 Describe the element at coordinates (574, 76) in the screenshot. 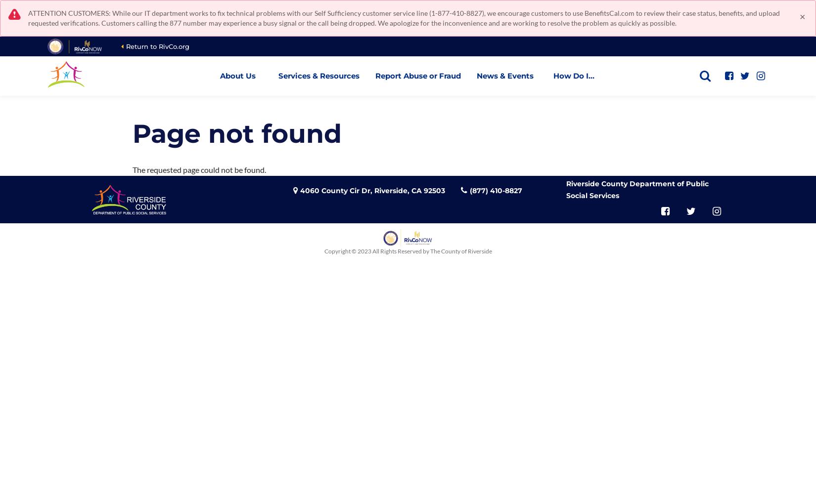

I see `'How Do I…'` at that location.